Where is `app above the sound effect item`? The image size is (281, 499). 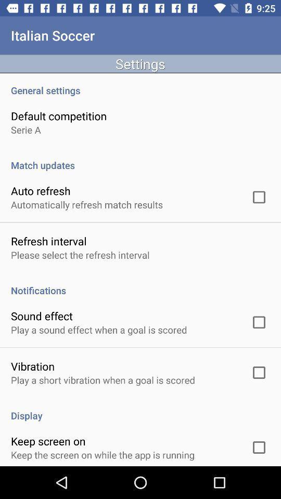
app above the sound effect item is located at coordinates (140, 285).